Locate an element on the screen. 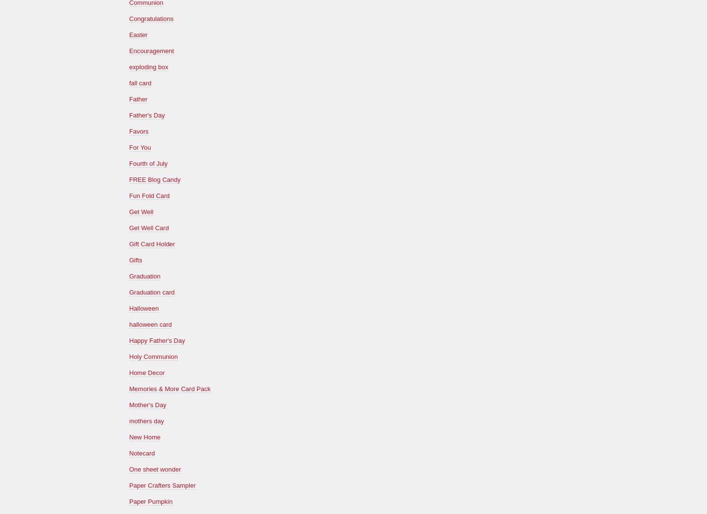 The height and width of the screenshot is (514, 707). 'Gifts' is located at coordinates (135, 259).